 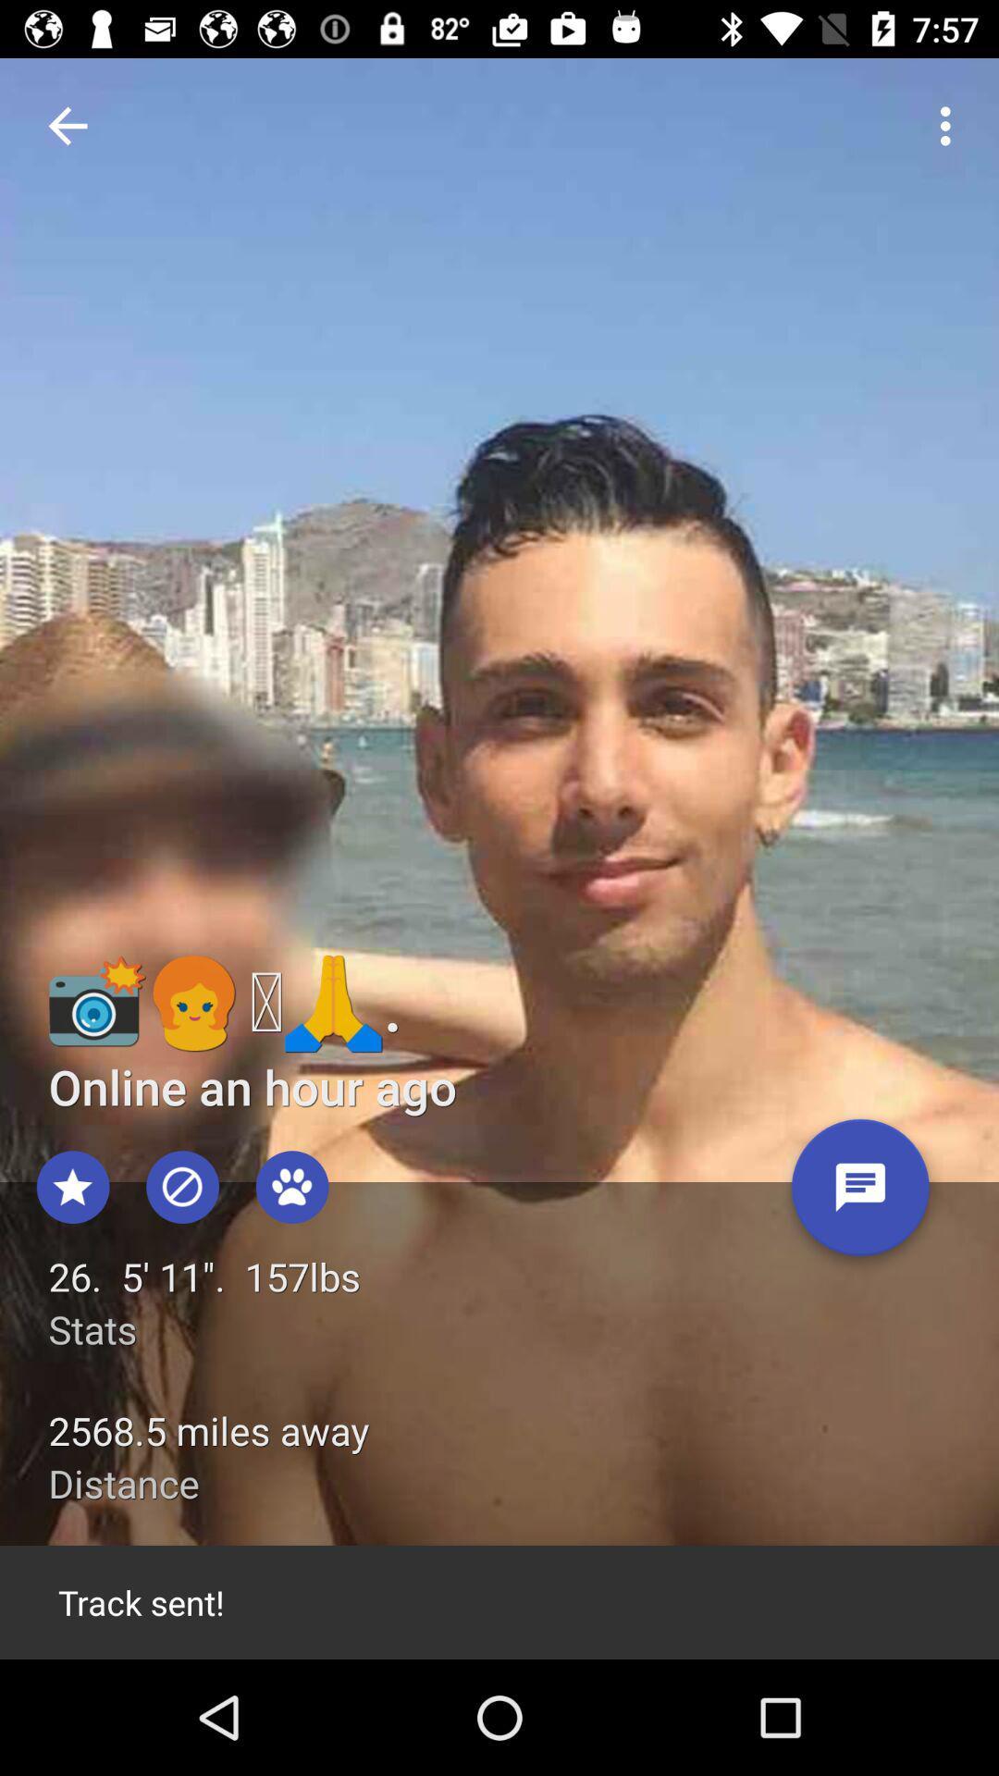 What do you see at coordinates (860, 1194) in the screenshot?
I see `send message` at bounding box center [860, 1194].